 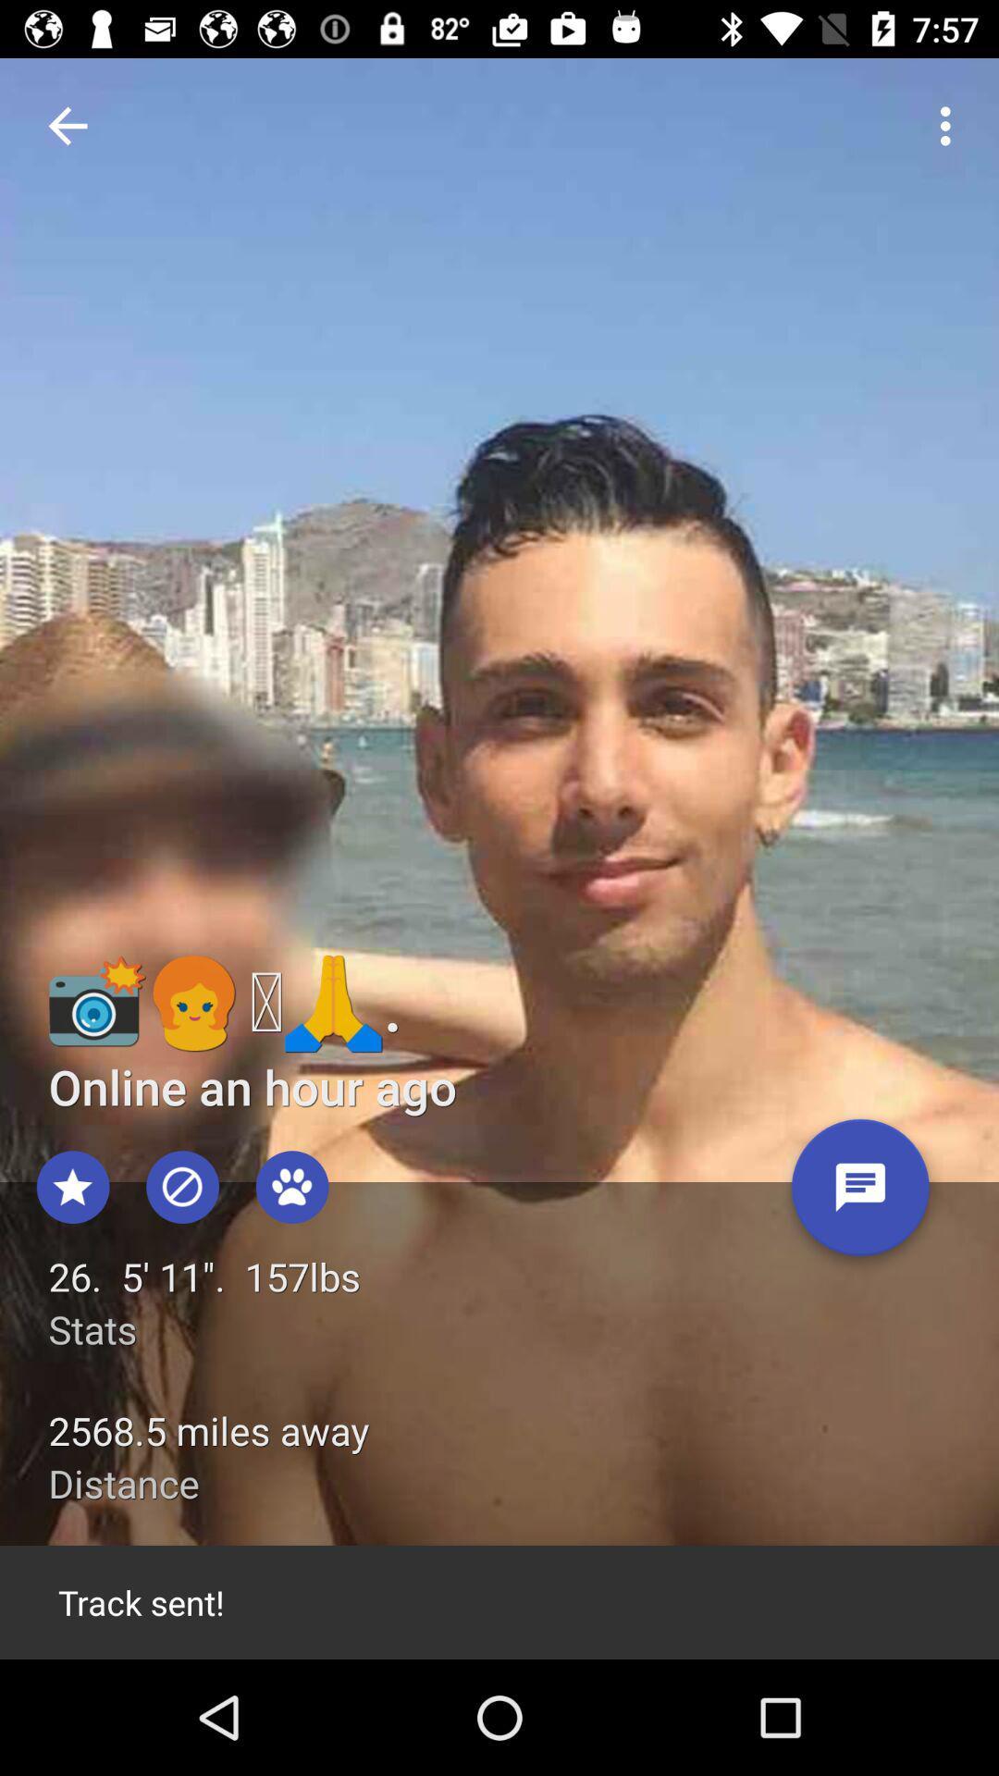 What do you see at coordinates (860, 1194) in the screenshot?
I see `send message` at bounding box center [860, 1194].